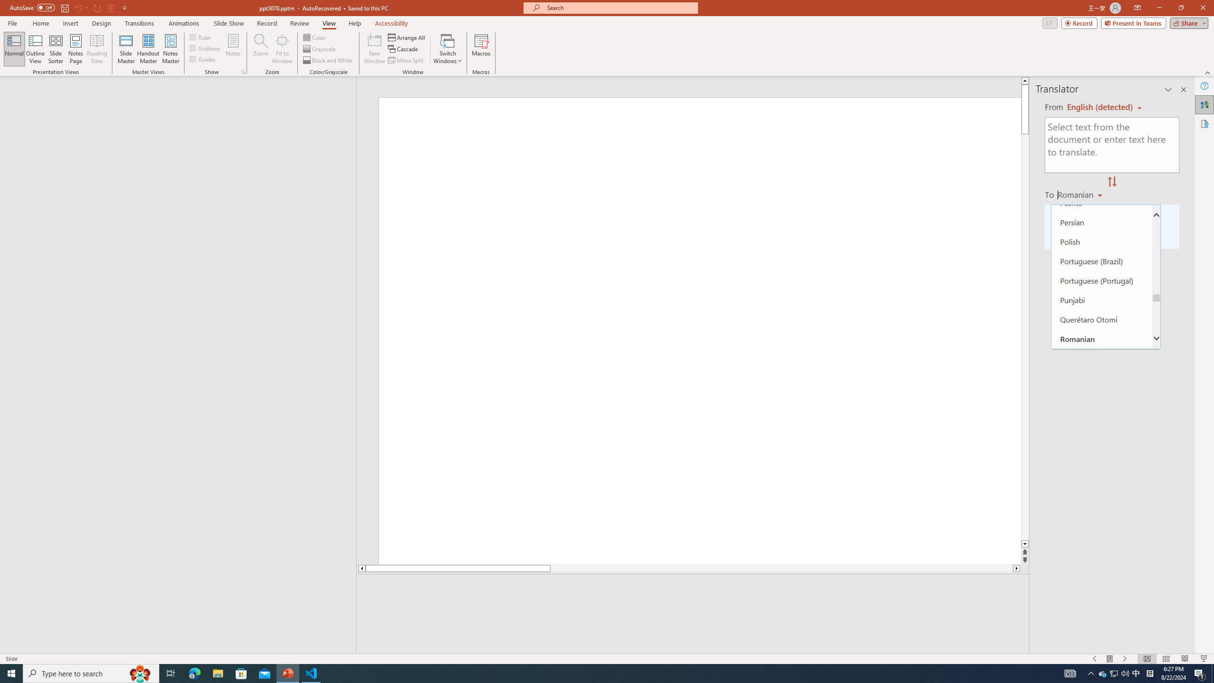 The image size is (1214, 683). I want to click on 'Notes Master', so click(170, 49).